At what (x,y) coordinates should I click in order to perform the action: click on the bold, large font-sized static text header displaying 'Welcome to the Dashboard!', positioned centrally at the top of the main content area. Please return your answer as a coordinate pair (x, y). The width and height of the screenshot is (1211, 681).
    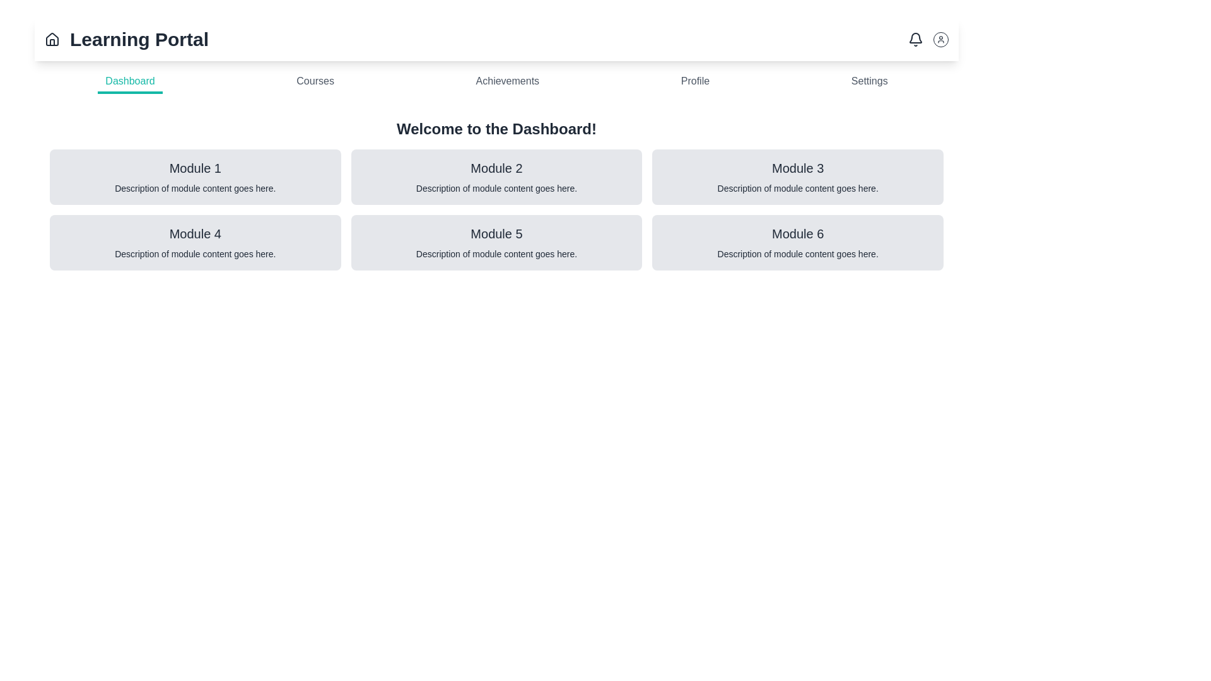
    Looking at the image, I should click on (496, 129).